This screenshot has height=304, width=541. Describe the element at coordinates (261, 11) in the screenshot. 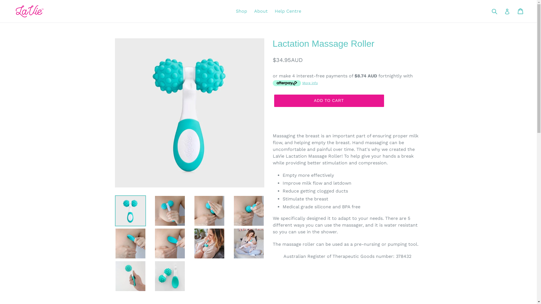

I see `'About'` at that location.